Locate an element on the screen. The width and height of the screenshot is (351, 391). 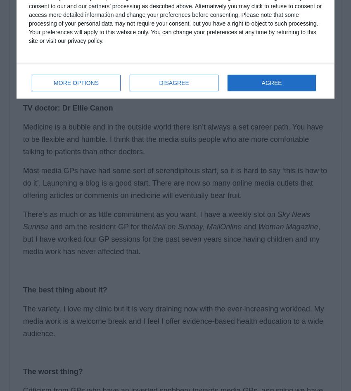
'Medicine is a bubble and in the outside world there isn’t always a set career path. You have to be flexible and humble. I think that the media suits people who are more comfortable talking to patients than other doctors.' is located at coordinates (173, 139).